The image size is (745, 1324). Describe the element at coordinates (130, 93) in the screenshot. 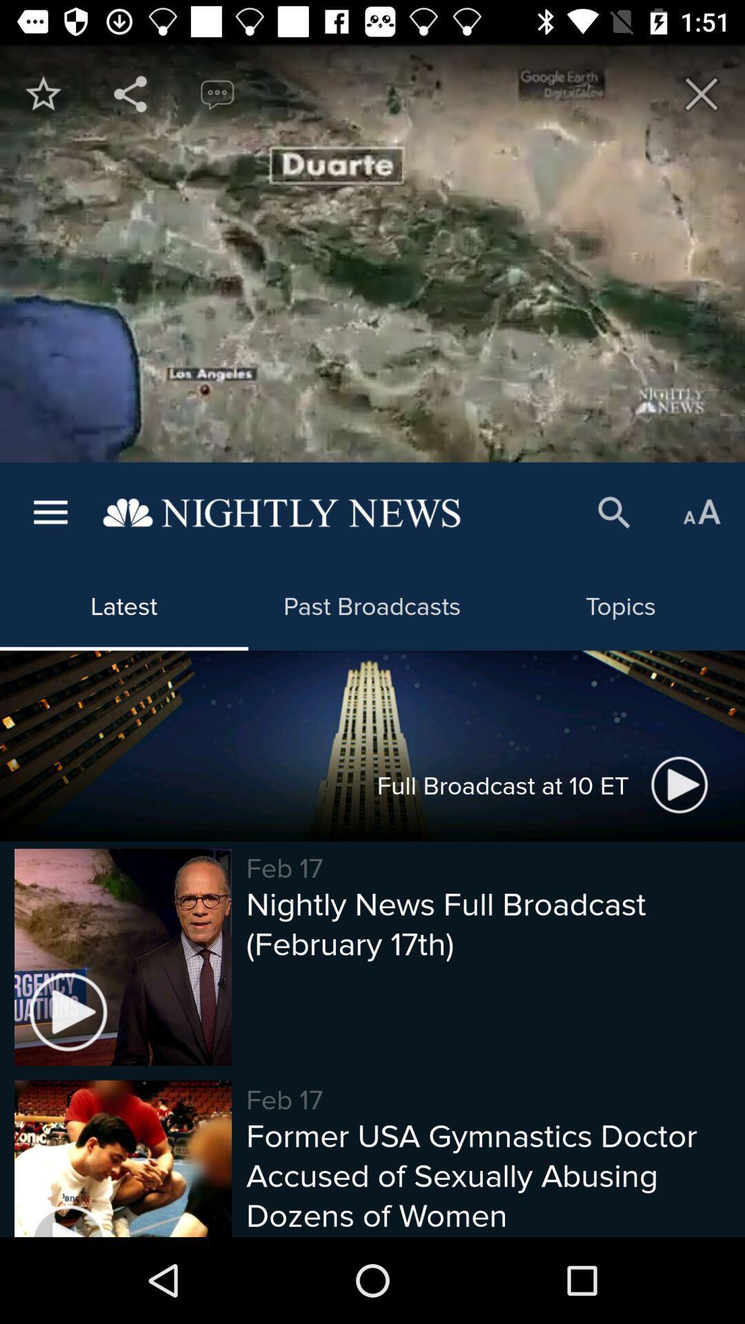

I see `send` at that location.